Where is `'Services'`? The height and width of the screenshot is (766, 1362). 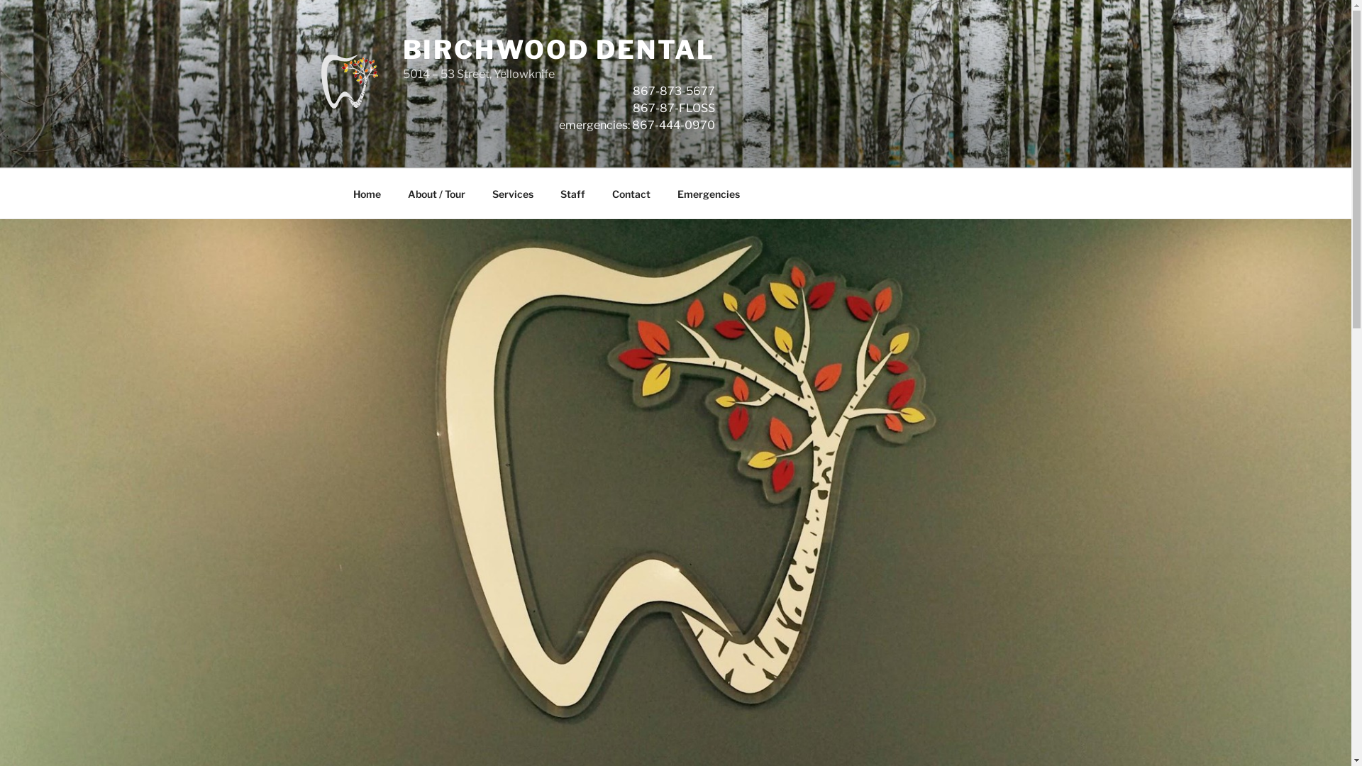 'Services' is located at coordinates (480, 193).